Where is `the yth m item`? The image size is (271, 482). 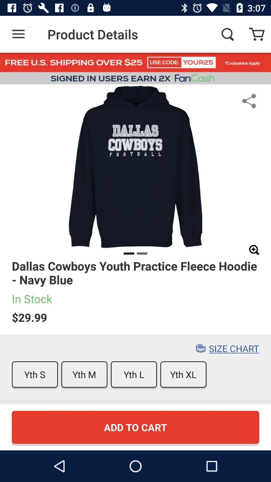 the yth m item is located at coordinates (84, 374).